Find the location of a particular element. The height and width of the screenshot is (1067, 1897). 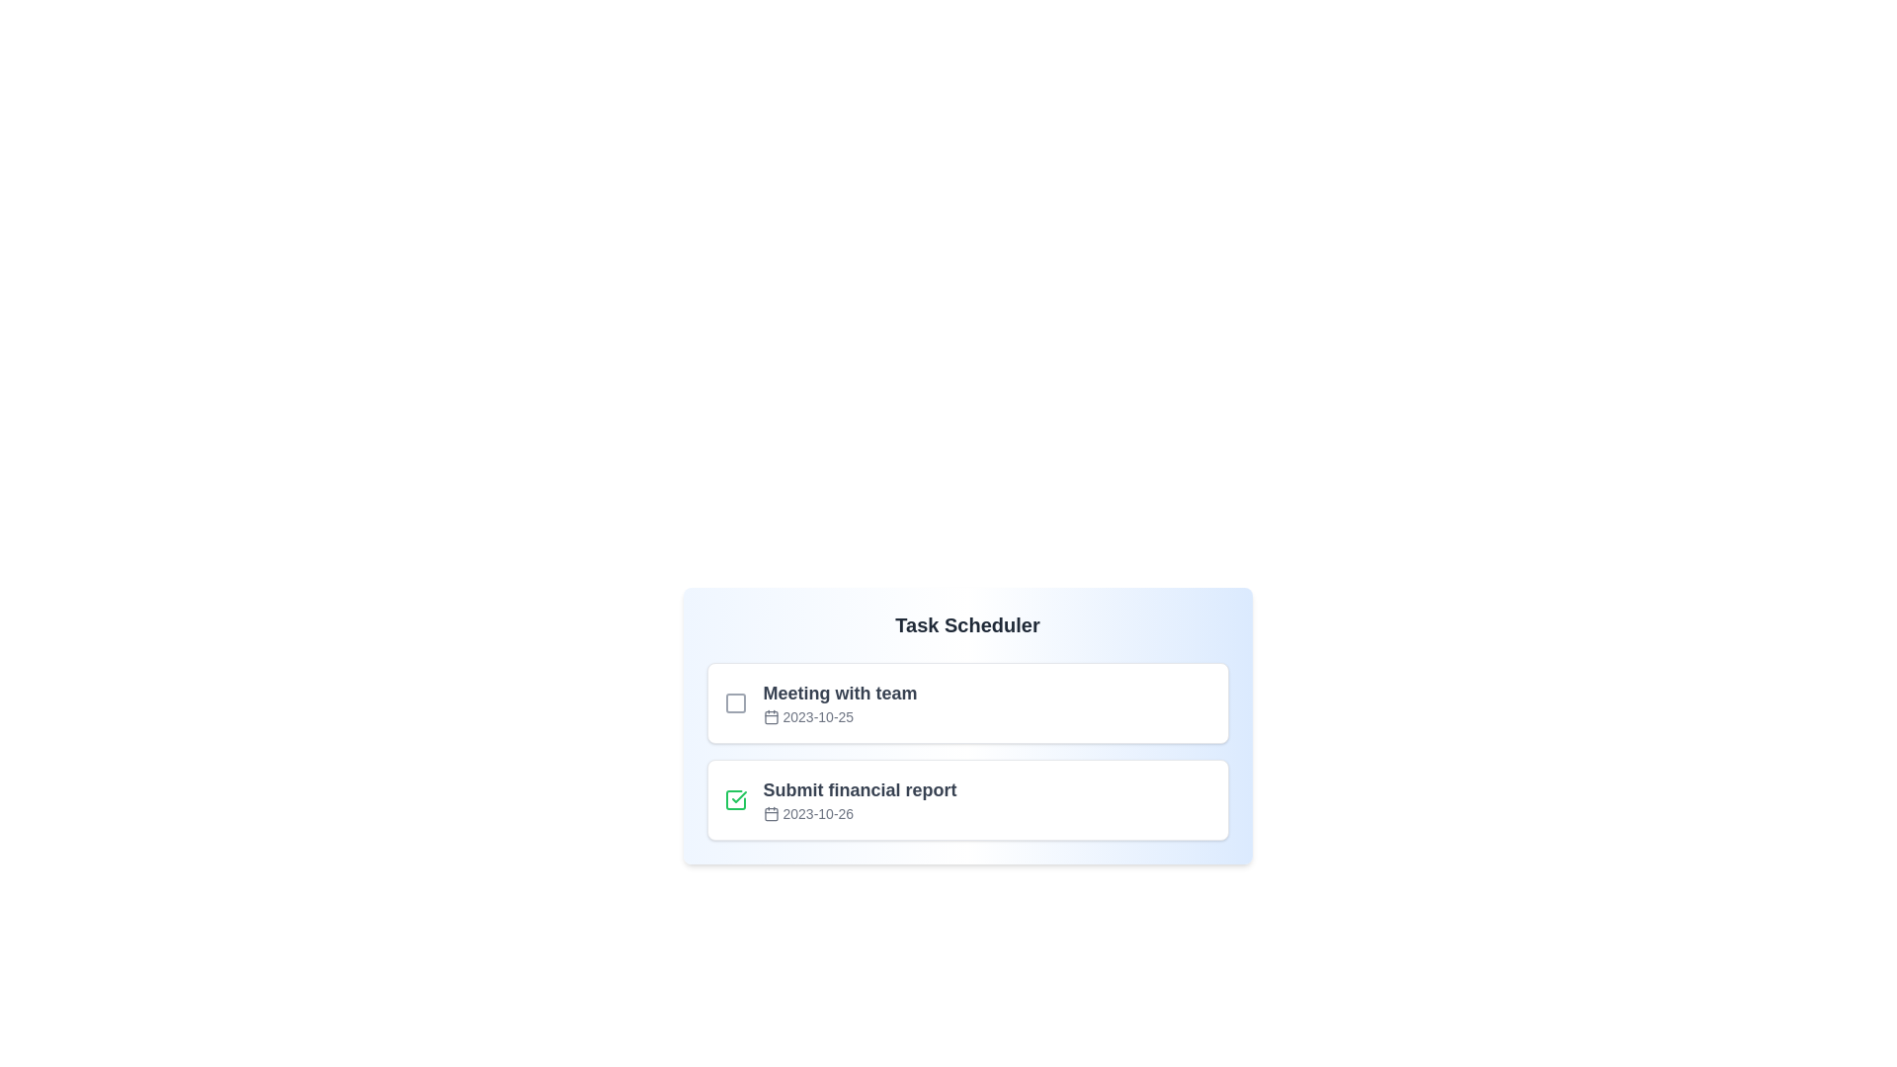

the 'Meeting with team' task information block is located at coordinates (840, 702).